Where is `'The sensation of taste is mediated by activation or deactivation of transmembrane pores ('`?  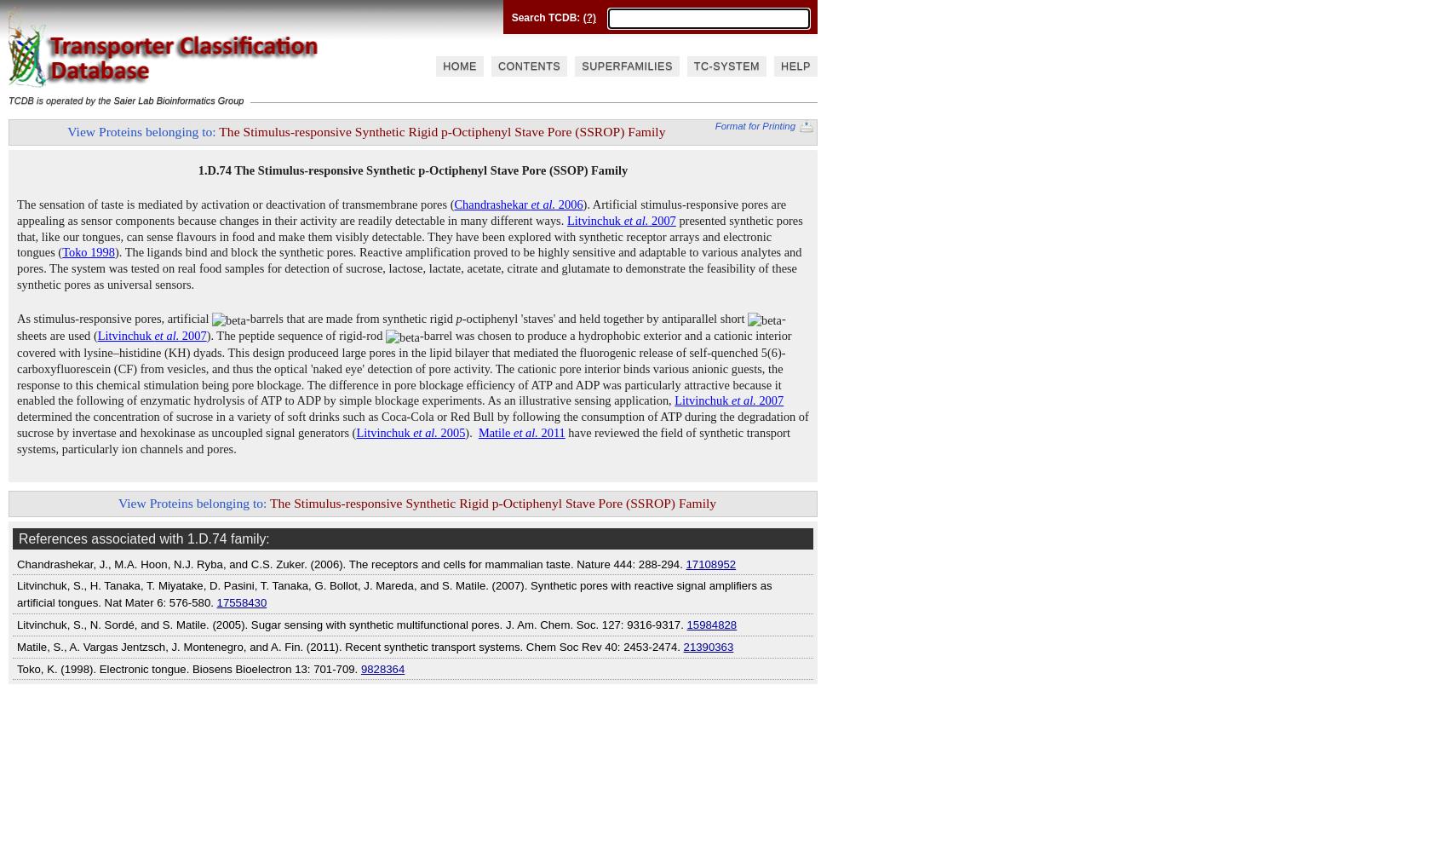
'The sensation of taste is mediated by activation or deactivation of transmembrane pores (' is located at coordinates (235, 204).